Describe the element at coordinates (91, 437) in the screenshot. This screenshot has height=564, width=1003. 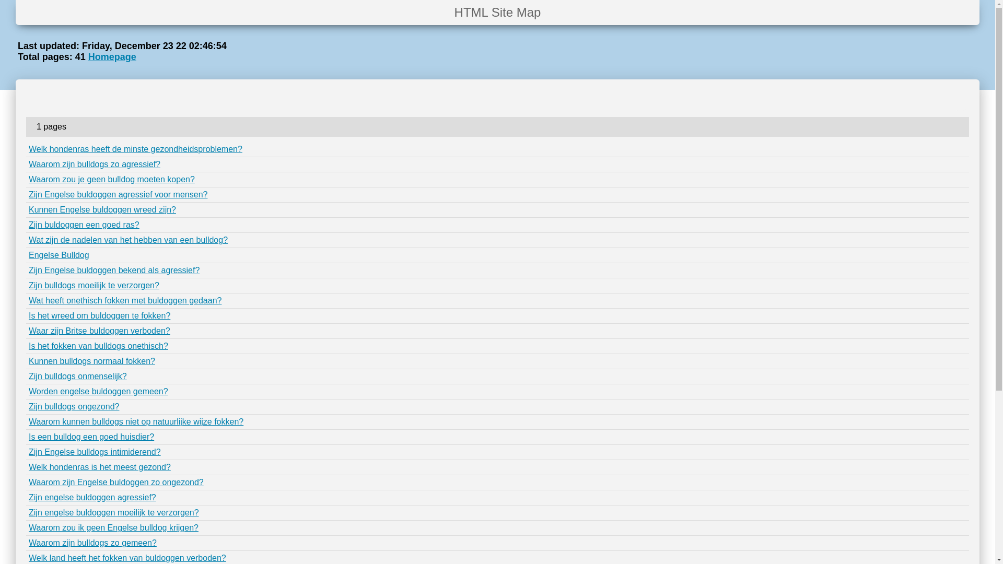
I see `'Is een bulldog een goed huisdier?'` at that location.